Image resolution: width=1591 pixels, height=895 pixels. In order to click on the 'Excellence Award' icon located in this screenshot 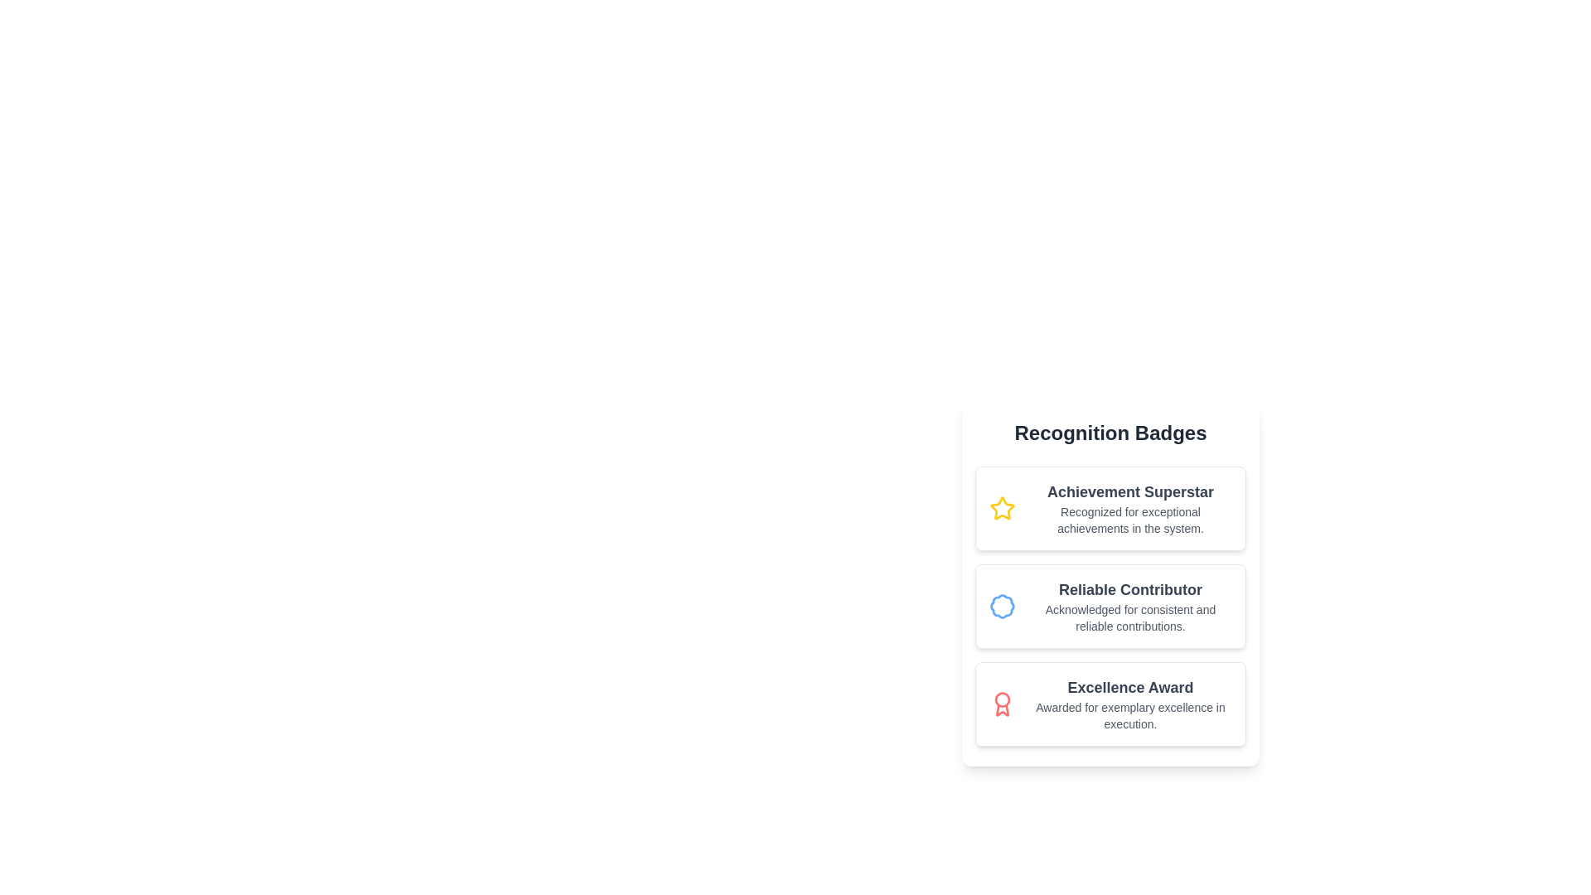, I will do `click(1008, 704)`.